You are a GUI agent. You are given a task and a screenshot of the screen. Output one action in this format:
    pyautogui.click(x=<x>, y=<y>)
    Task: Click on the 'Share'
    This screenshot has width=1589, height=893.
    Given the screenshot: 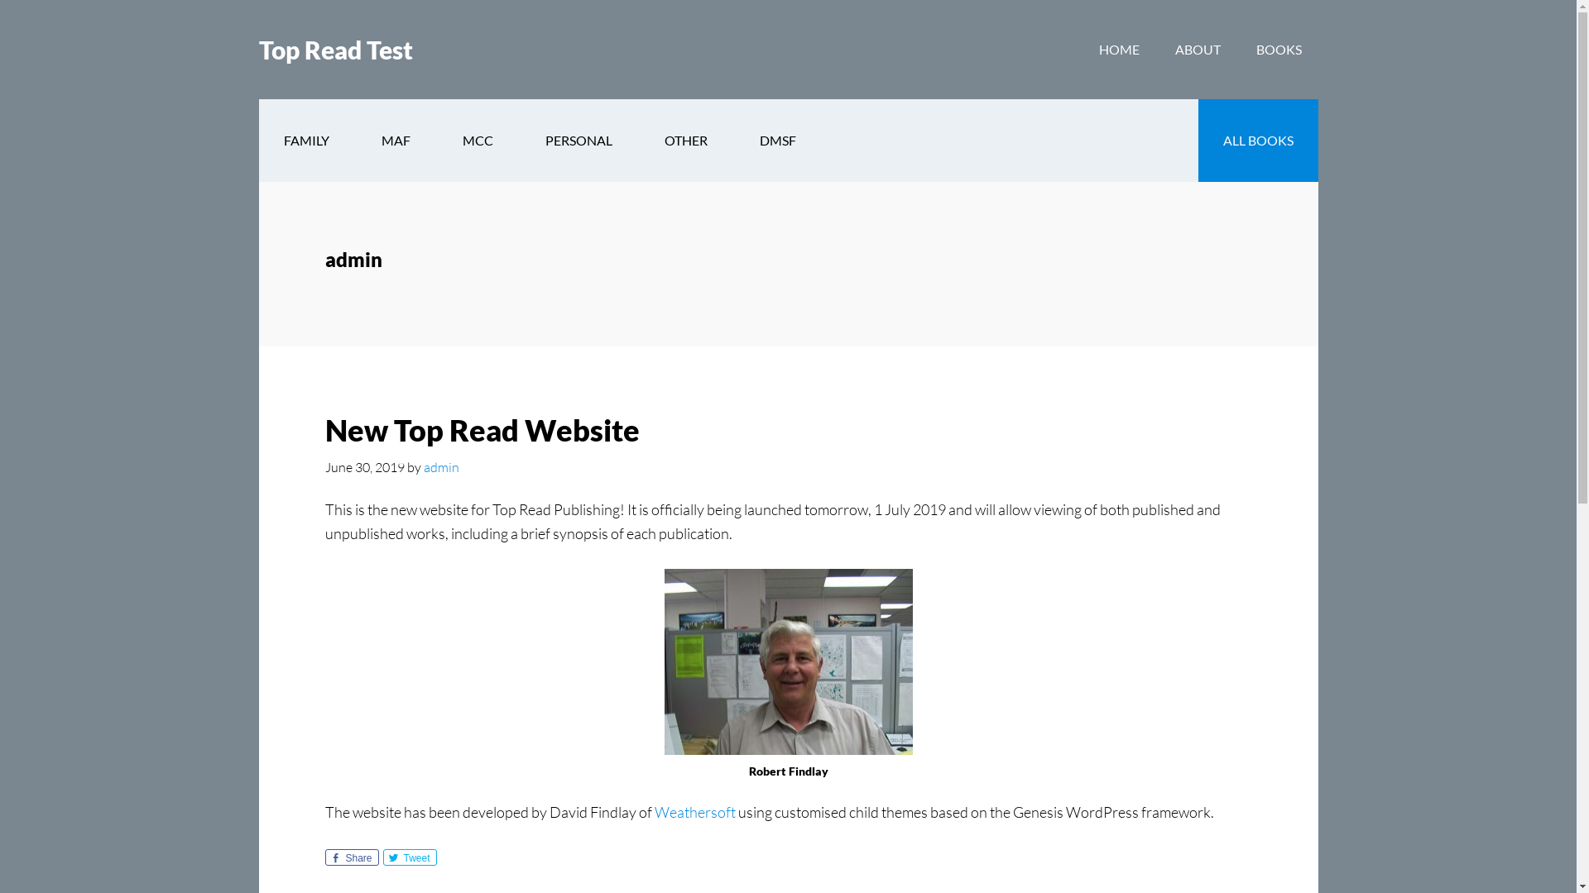 What is the action you would take?
    pyautogui.click(x=350, y=857)
    